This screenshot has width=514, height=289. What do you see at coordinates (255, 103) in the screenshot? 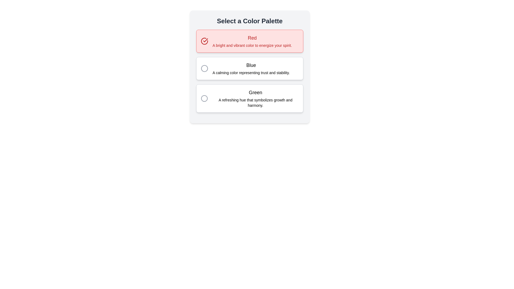
I see `the descriptive text label for the 'Green' option located within the 'Select a Color Palette' interface, positioned directly beneath the 'Green' title text` at bounding box center [255, 103].